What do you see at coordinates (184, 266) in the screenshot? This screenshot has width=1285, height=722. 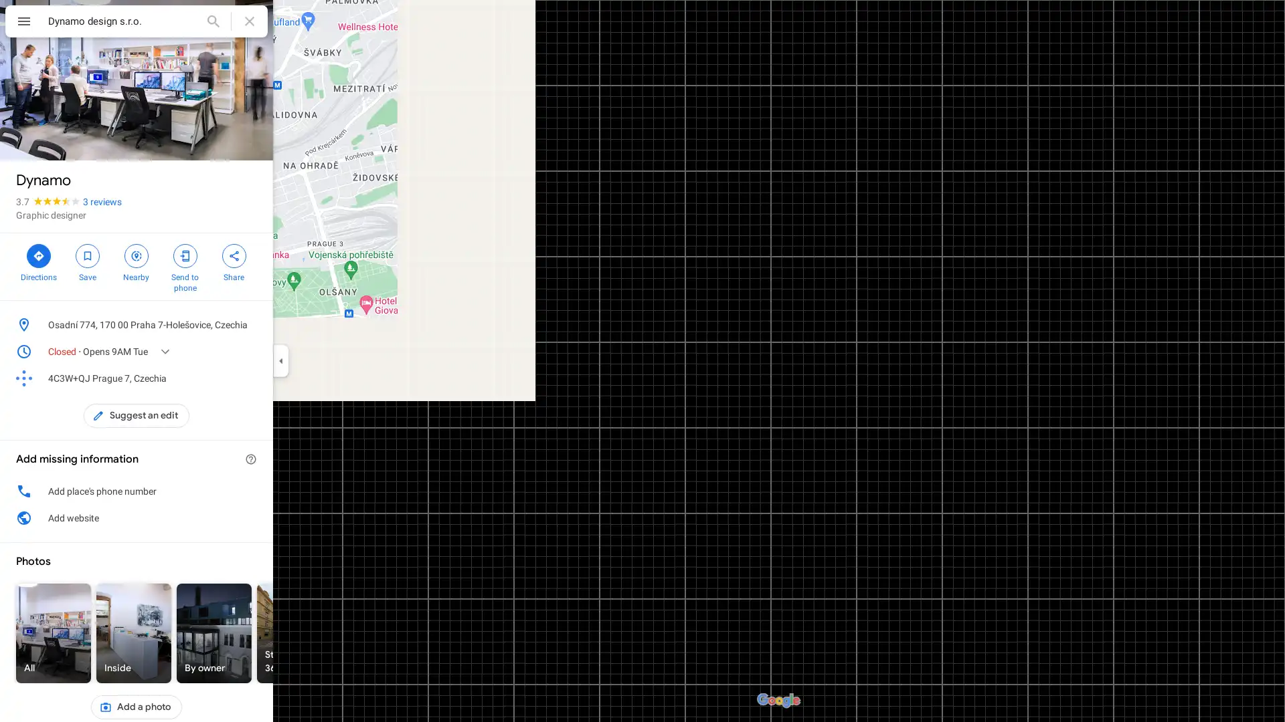 I see `Send Dynamo to your phone` at bounding box center [184, 266].